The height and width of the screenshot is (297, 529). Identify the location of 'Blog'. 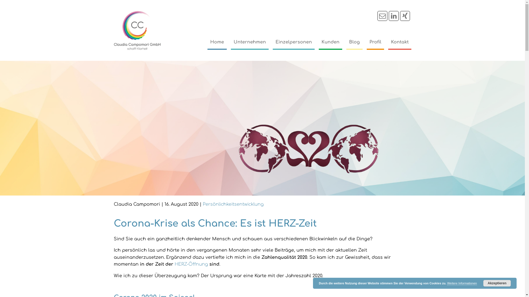
(354, 42).